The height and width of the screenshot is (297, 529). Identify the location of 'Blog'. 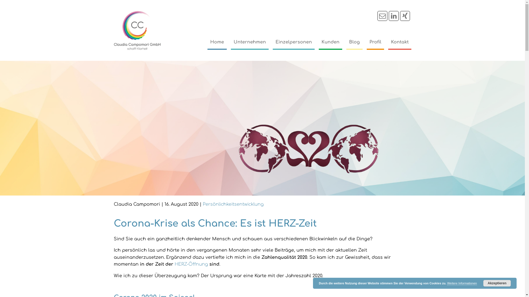
(354, 42).